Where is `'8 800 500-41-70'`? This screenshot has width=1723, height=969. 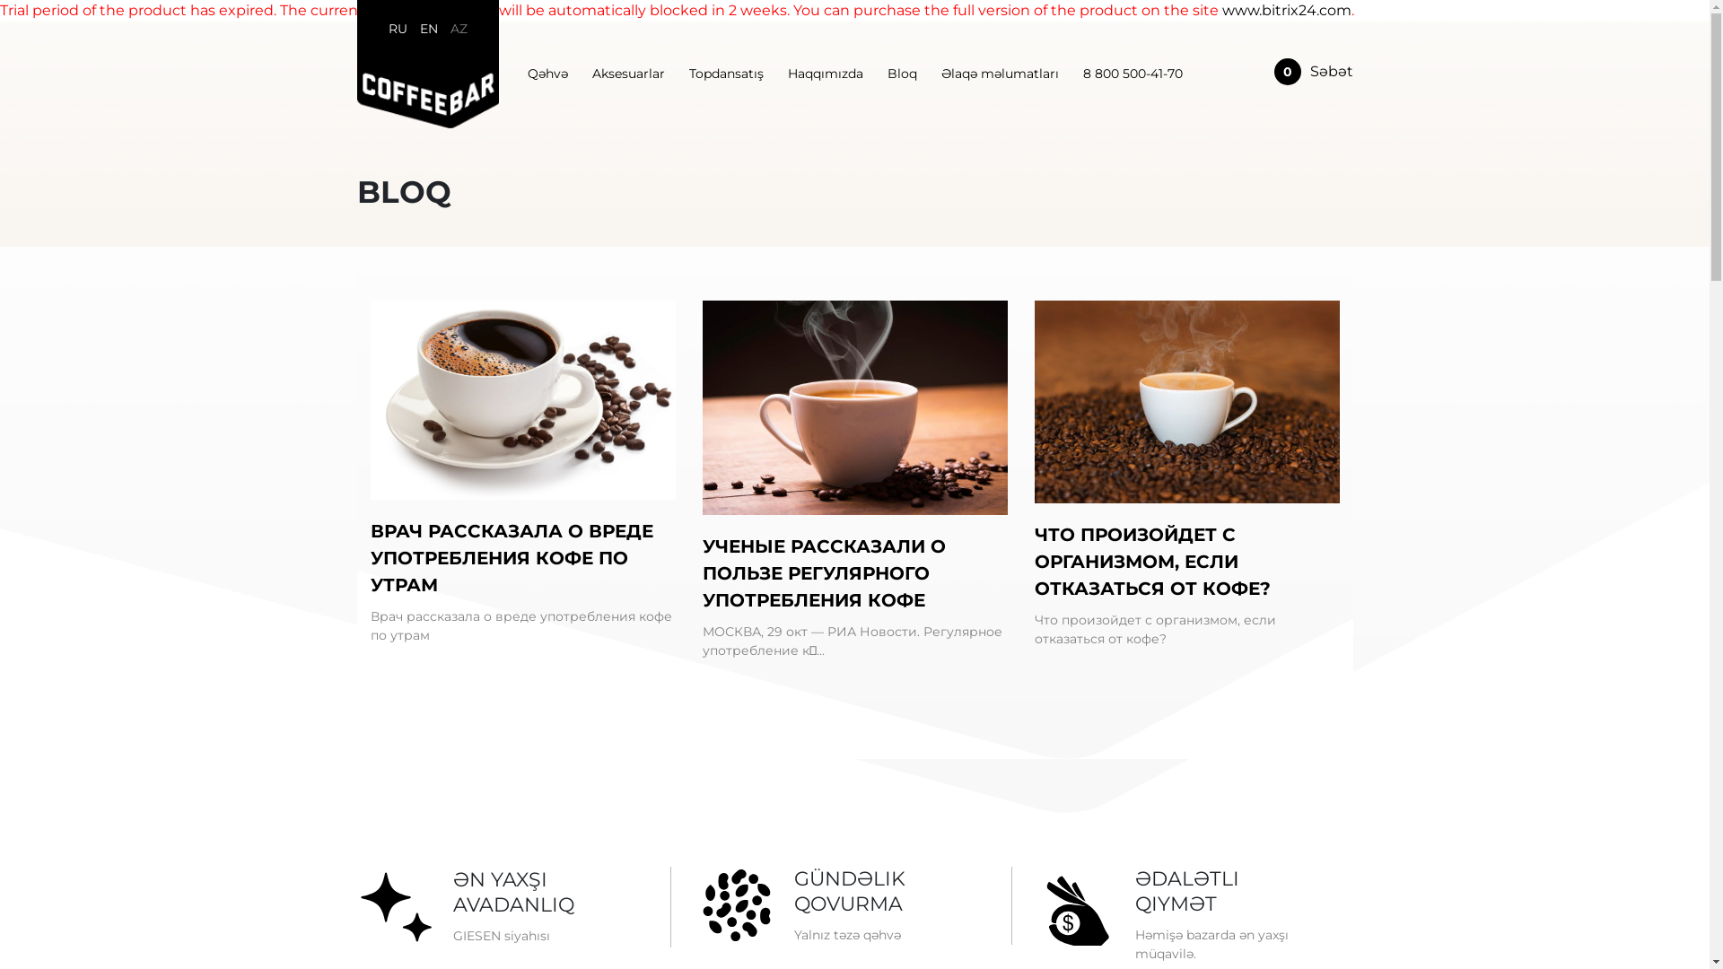 '8 800 500-41-70' is located at coordinates (1131, 72).